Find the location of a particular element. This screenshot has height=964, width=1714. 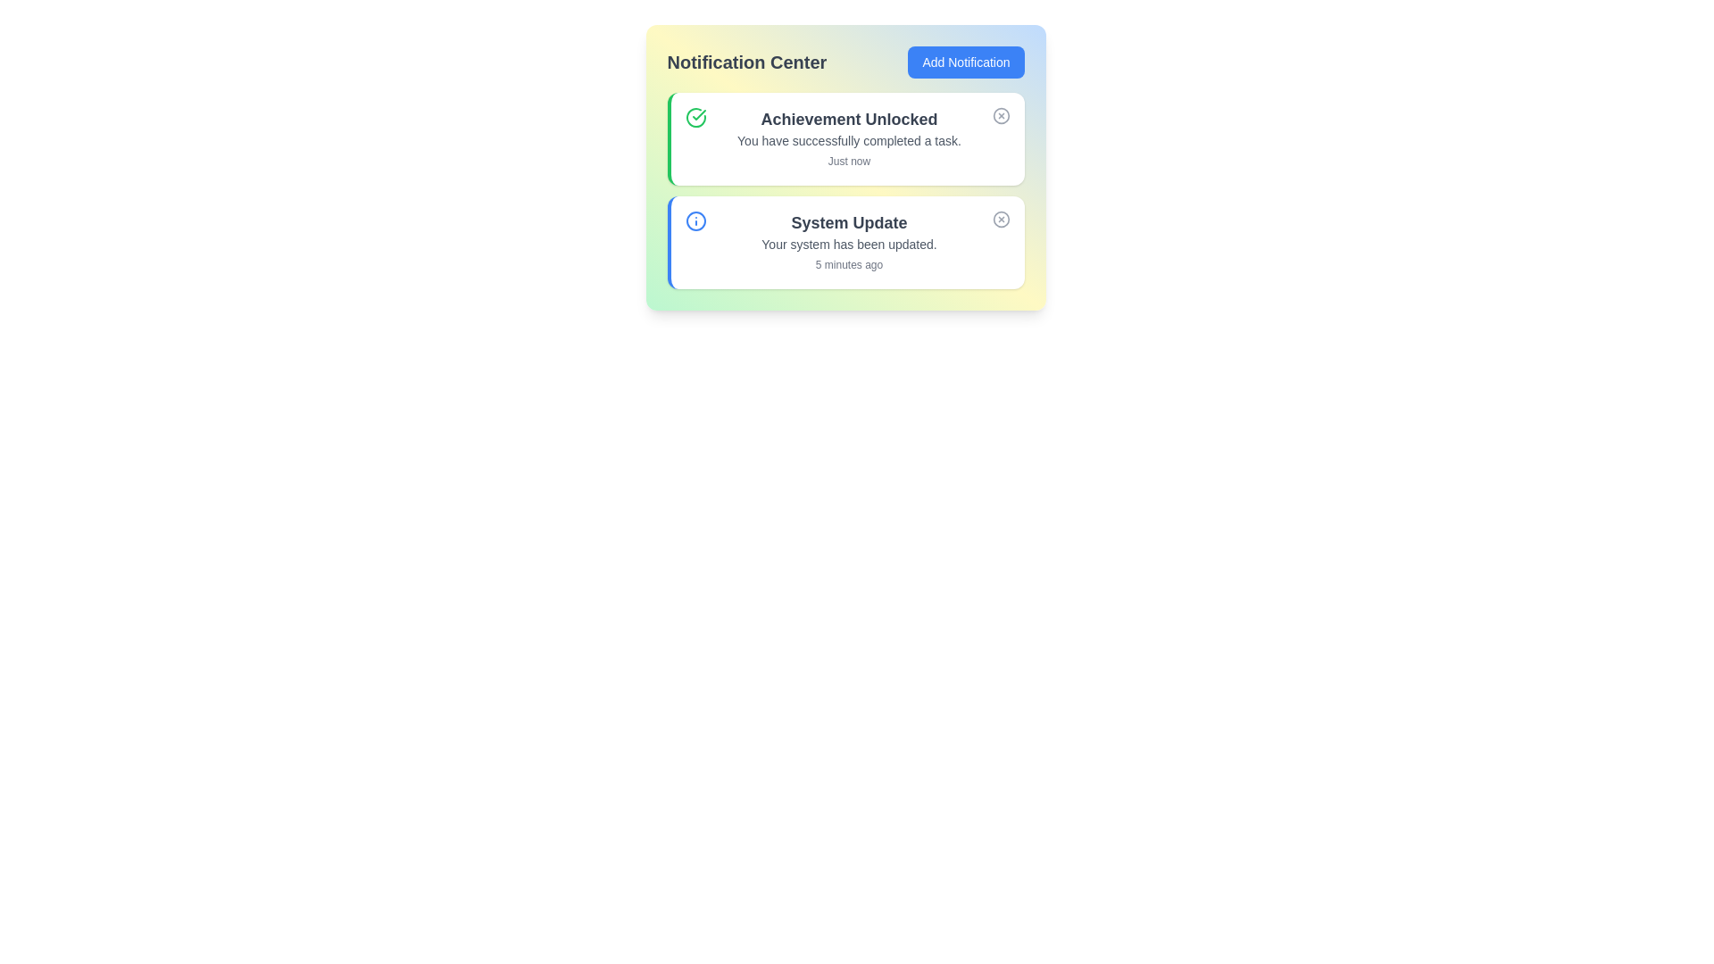

the 'Notification Center' text label, which is a prominent header in large, bold dark gray font at the top-left of the notification dashboard is located at coordinates (746, 61).